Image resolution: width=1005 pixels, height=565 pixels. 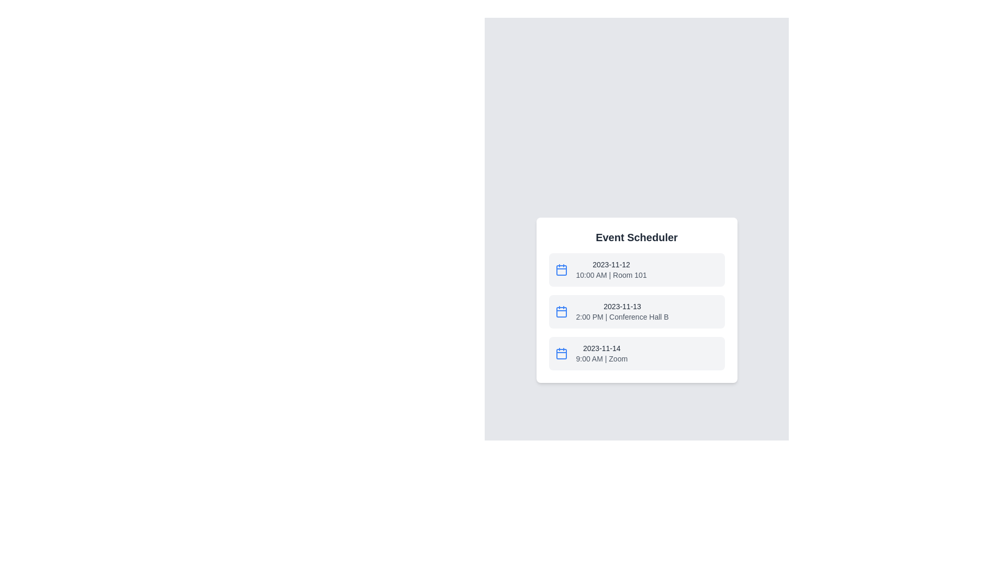 What do you see at coordinates (561, 353) in the screenshot?
I see `the blue calendar icon located in the third event block of the event scheduler, positioned at the top-left corner of its row, next to the '2023-11-14 9:00 AM | Zoom' text` at bounding box center [561, 353].